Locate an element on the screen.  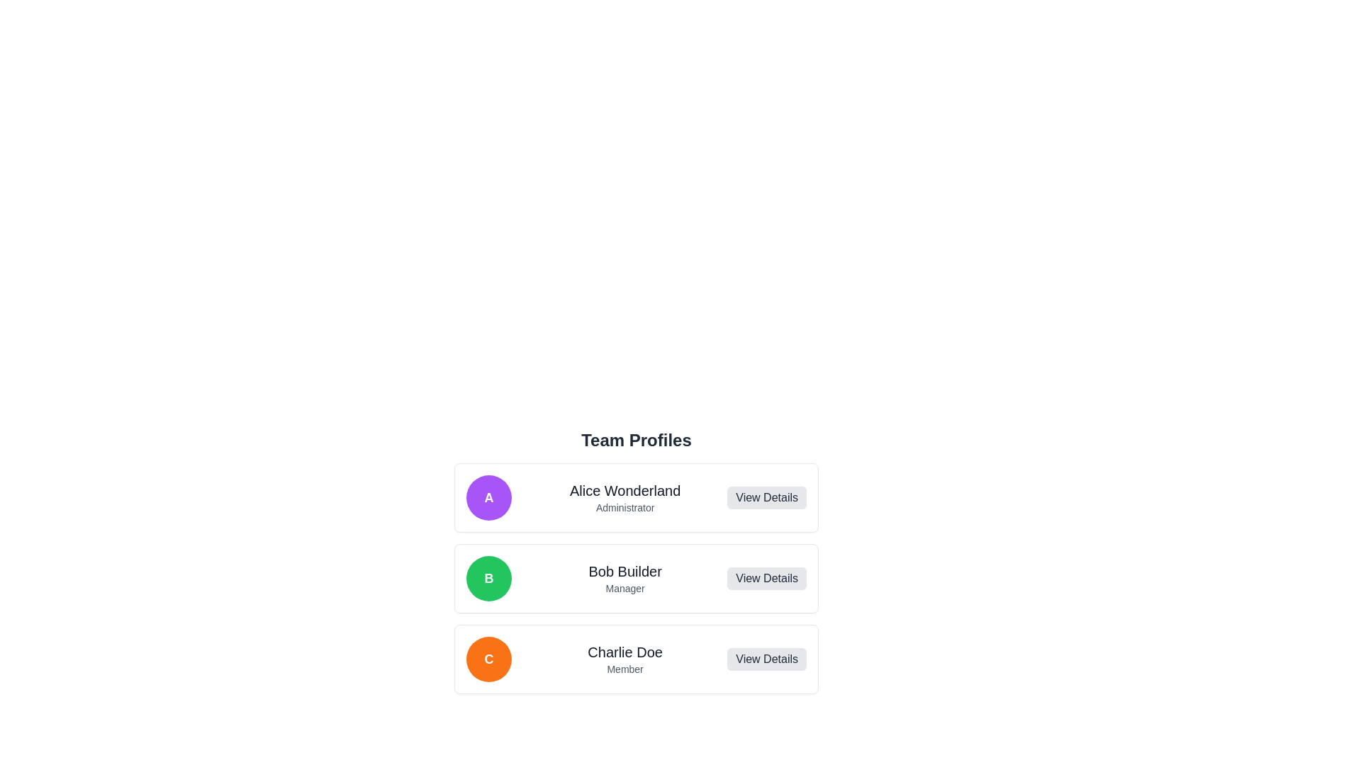
the circular badge component displaying the letter 'C' in white, which is located in the bottom-most profile card adjacent to the details of 'Charlie Doe' is located at coordinates (489, 659).